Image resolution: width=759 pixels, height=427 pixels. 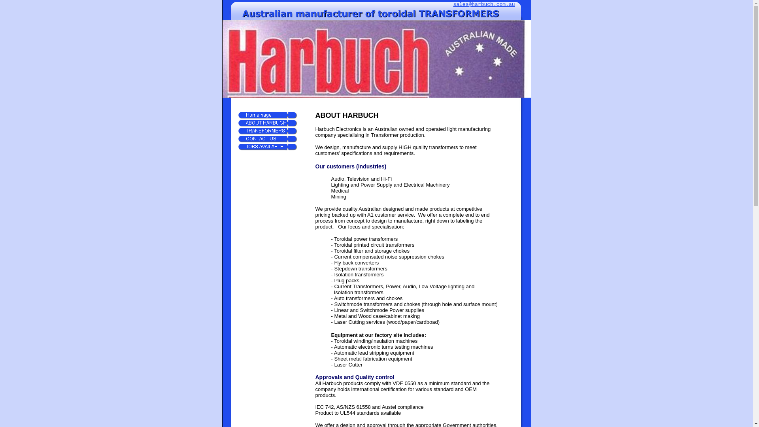 I want to click on 'CONTACT US', so click(x=237, y=138).